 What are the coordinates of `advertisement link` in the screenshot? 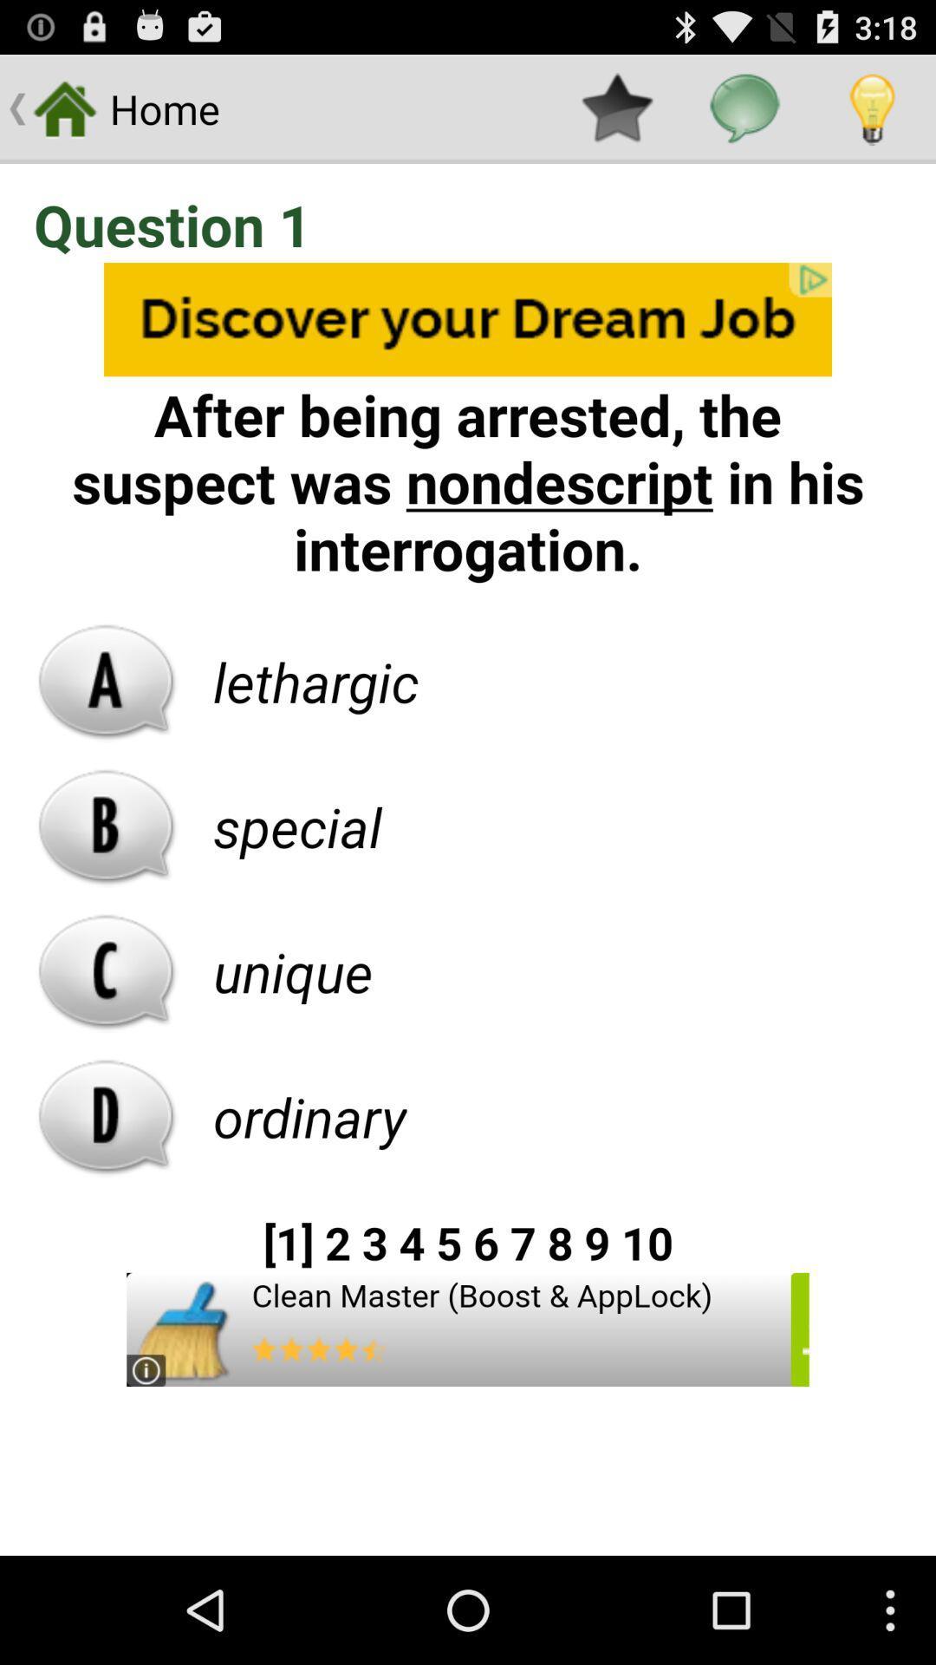 It's located at (468, 1329).